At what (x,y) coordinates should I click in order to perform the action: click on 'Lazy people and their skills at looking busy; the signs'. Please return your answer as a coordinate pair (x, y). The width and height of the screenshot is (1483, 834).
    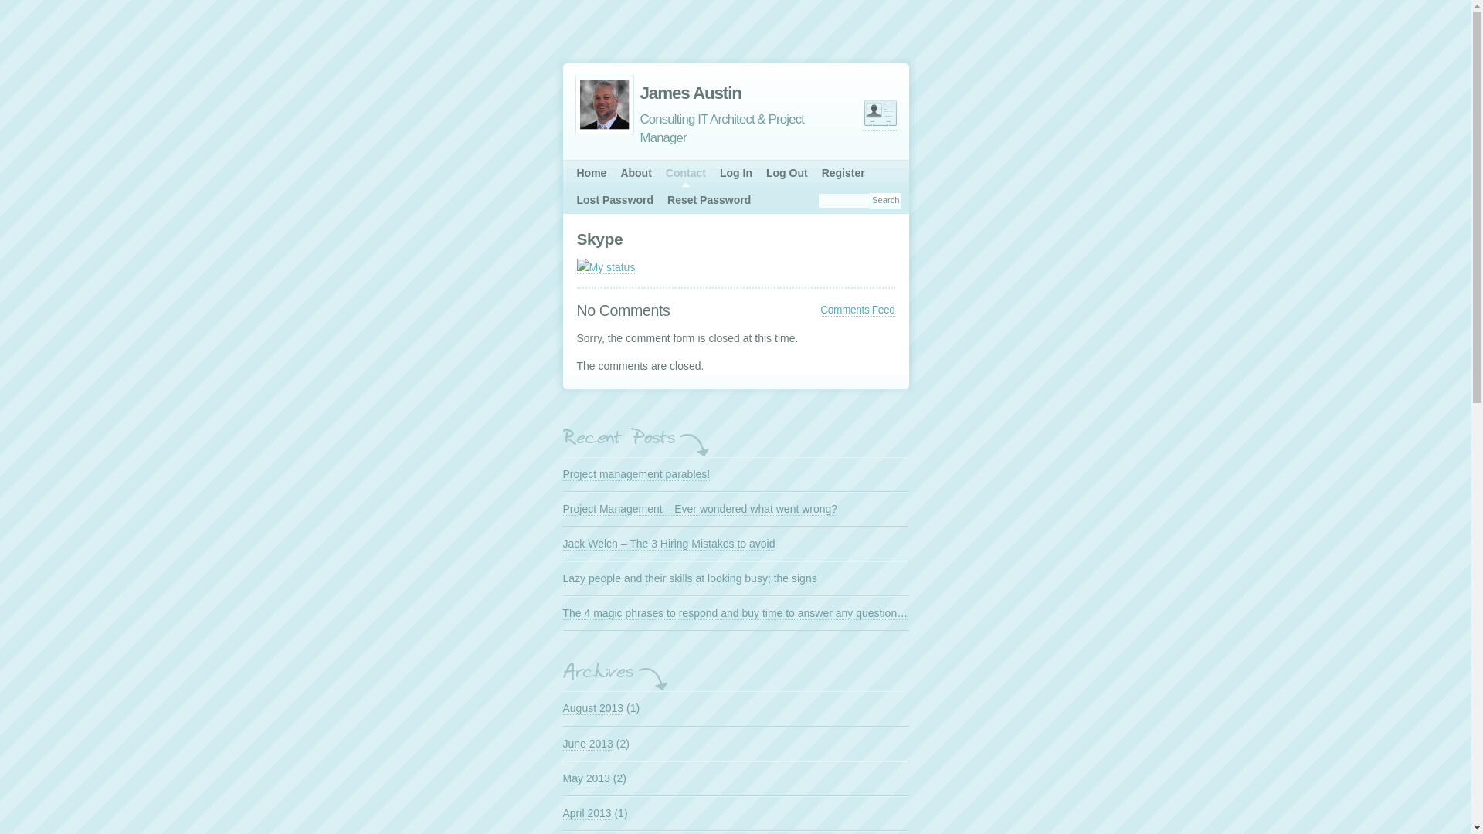
    Looking at the image, I should click on (688, 578).